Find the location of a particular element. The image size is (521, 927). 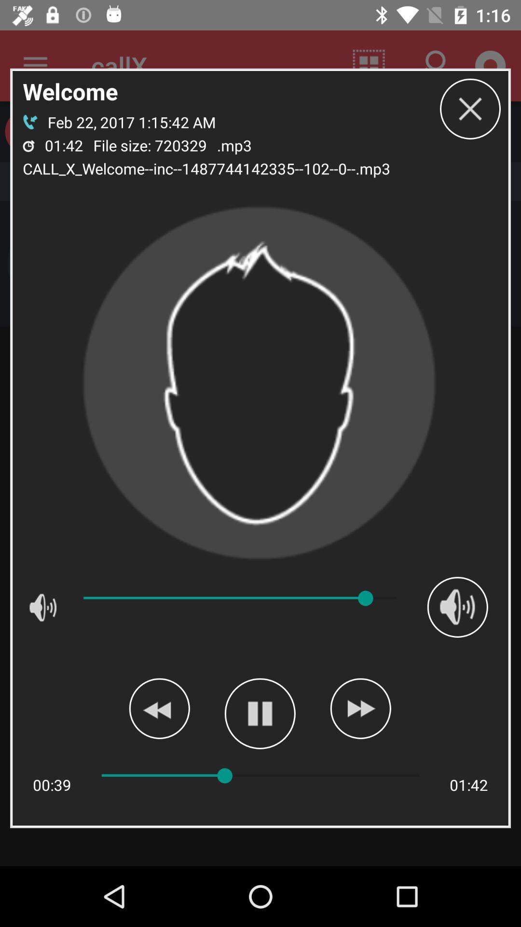

next is located at coordinates (360, 708).